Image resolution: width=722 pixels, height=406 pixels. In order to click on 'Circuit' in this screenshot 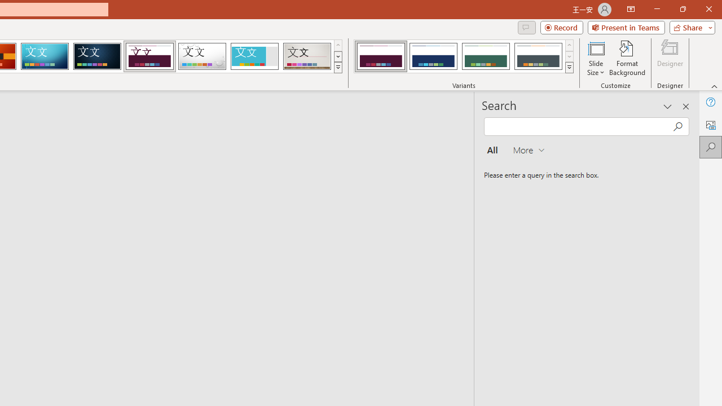, I will do `click(45, 56)`.